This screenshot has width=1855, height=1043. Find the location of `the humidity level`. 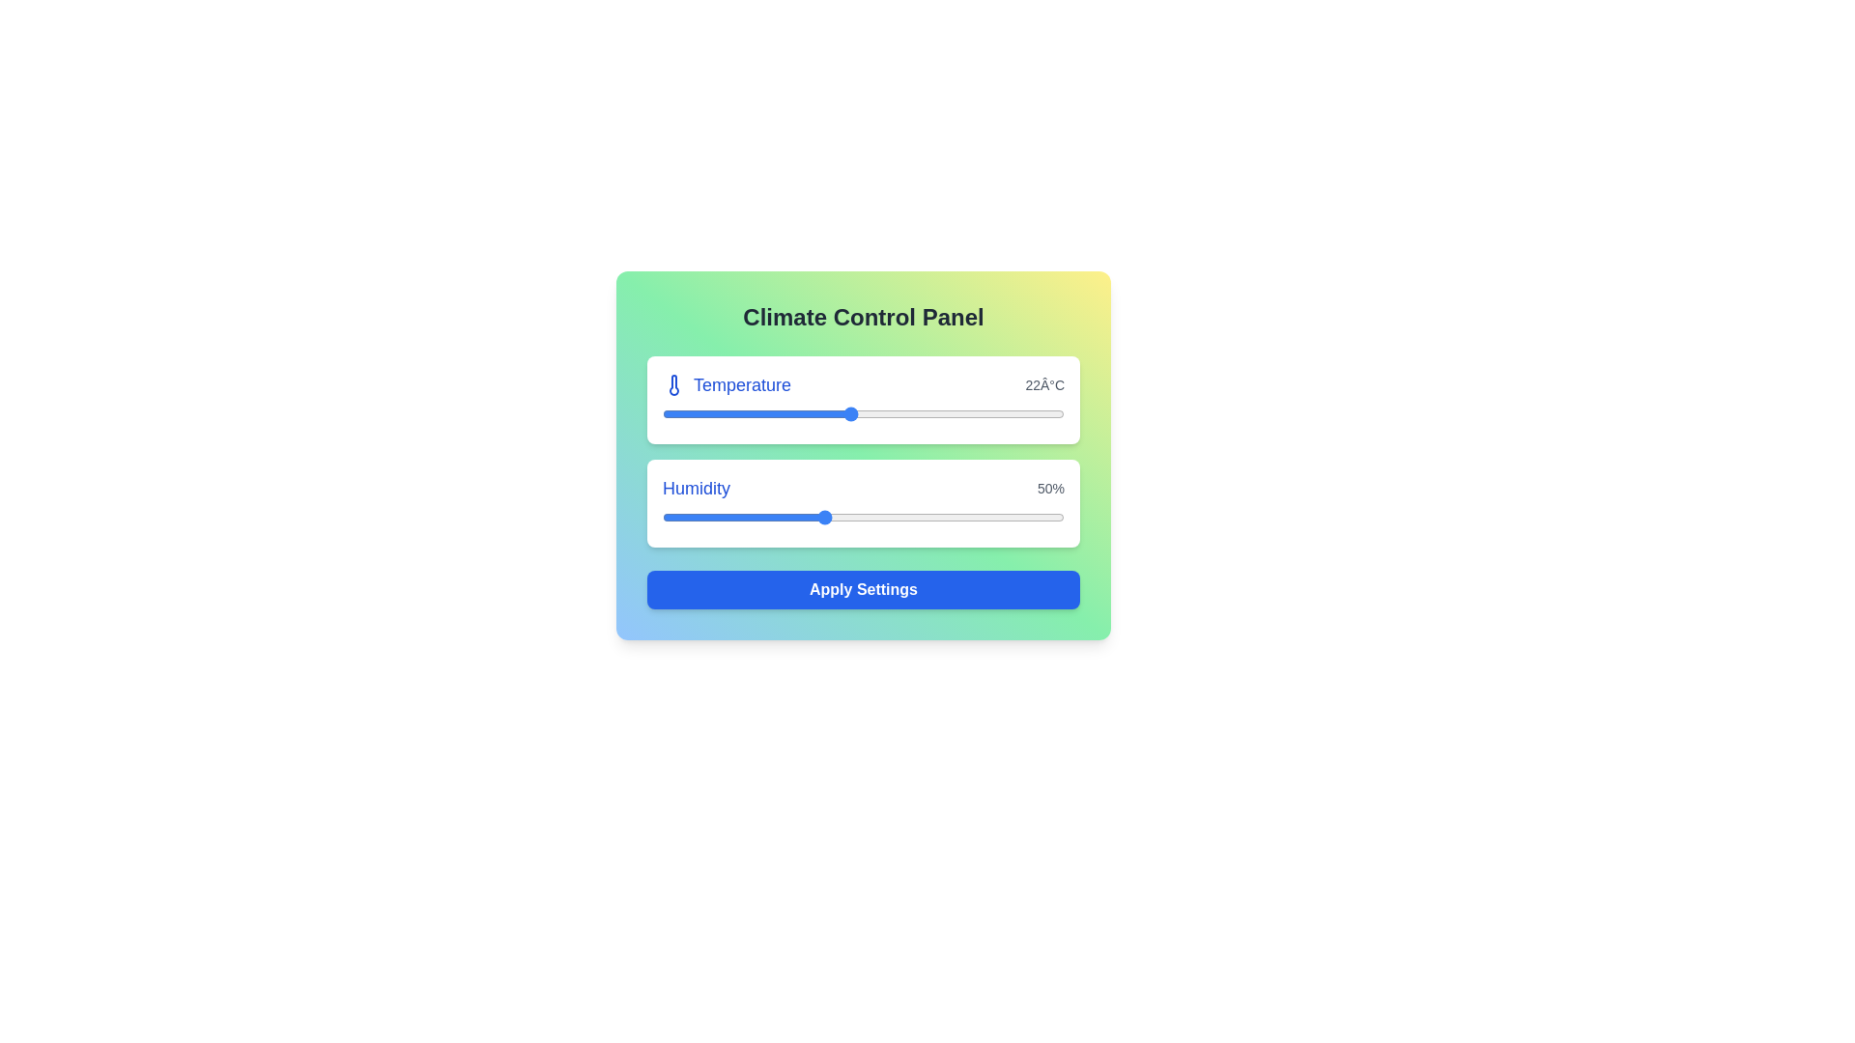

the humidity level is located at coordinates (862, 517).